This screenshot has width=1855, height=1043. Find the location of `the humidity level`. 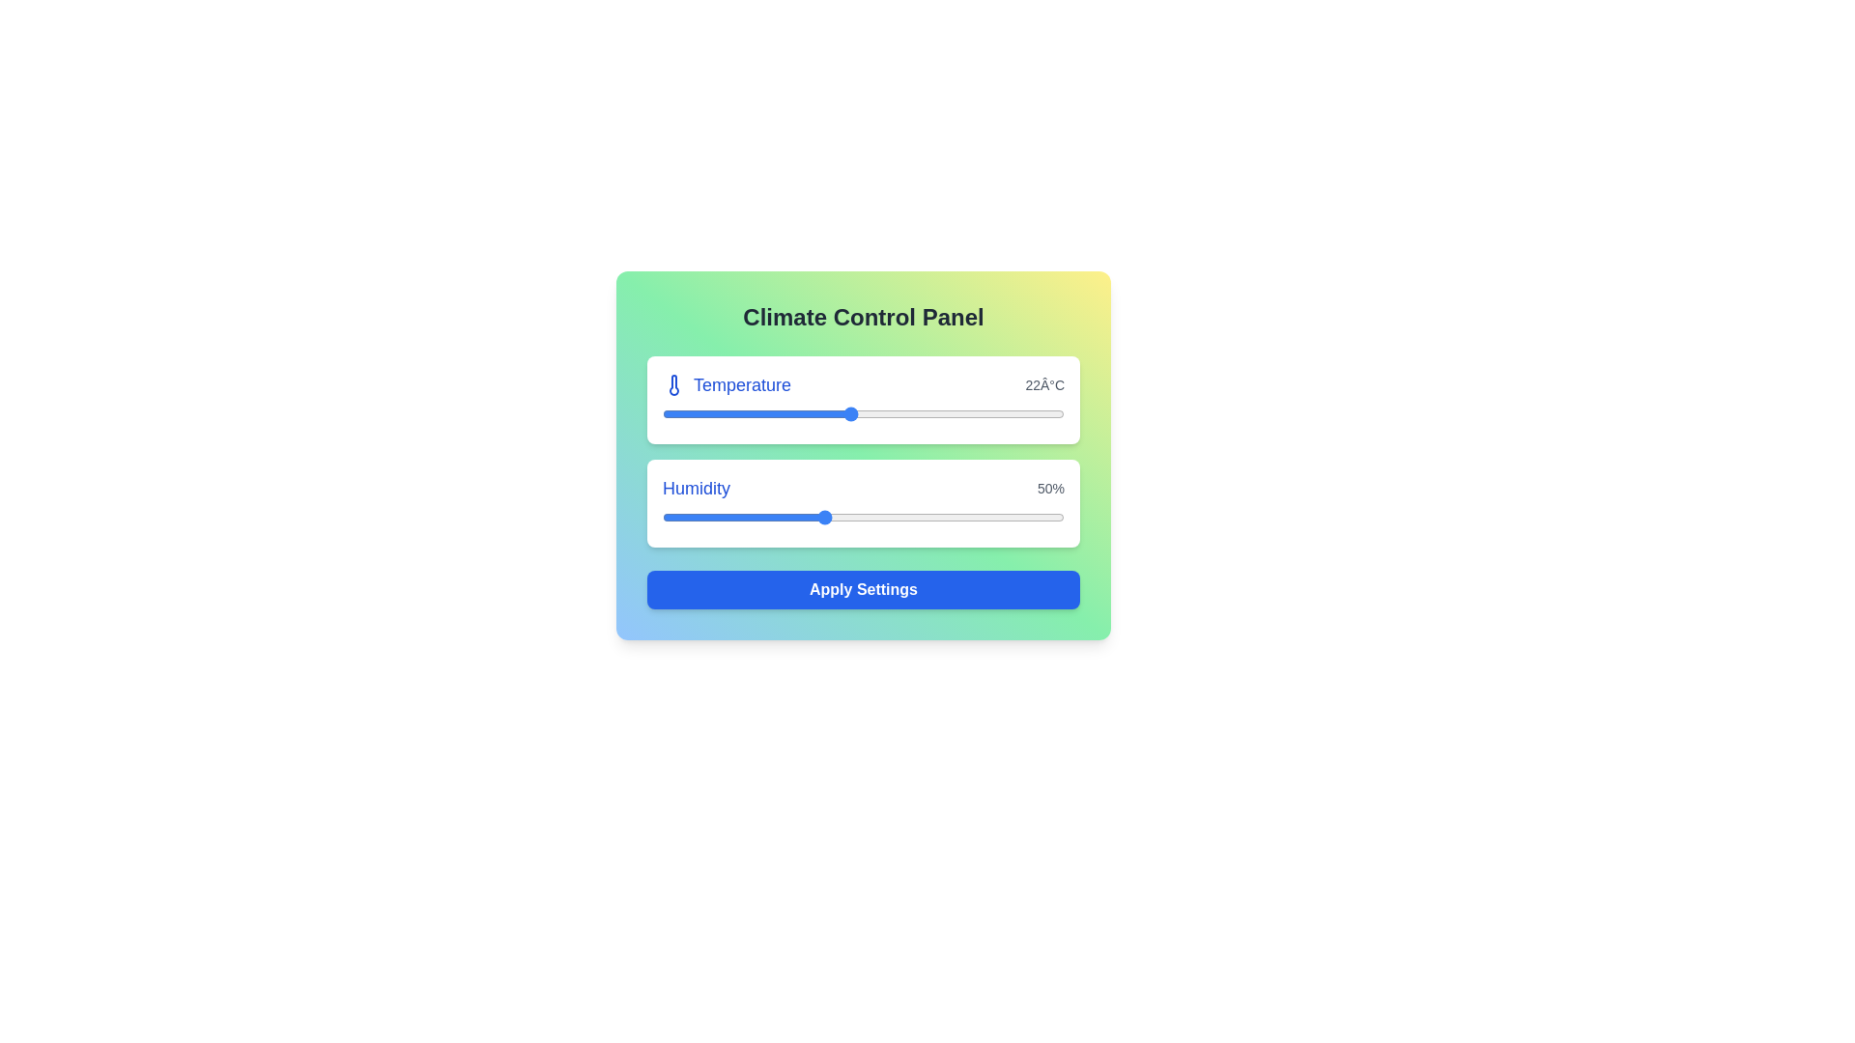

the humidity level is located at coordinates (862, 517).